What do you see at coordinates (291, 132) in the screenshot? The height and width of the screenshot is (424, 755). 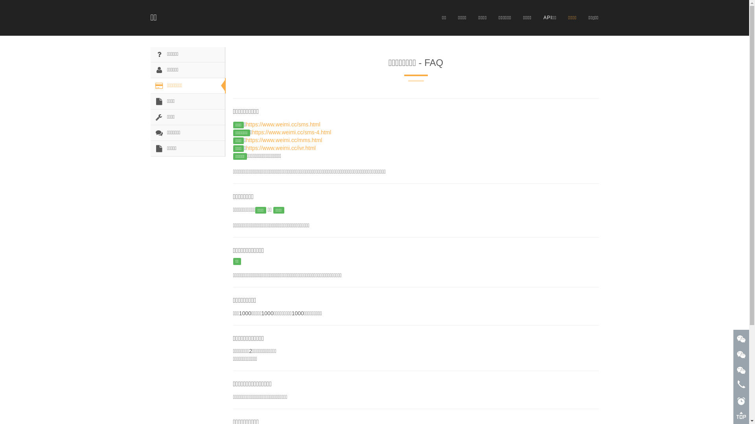 I see `'https://www.weimi.cc/sms-4.html'` at bounding box center [291, 132].